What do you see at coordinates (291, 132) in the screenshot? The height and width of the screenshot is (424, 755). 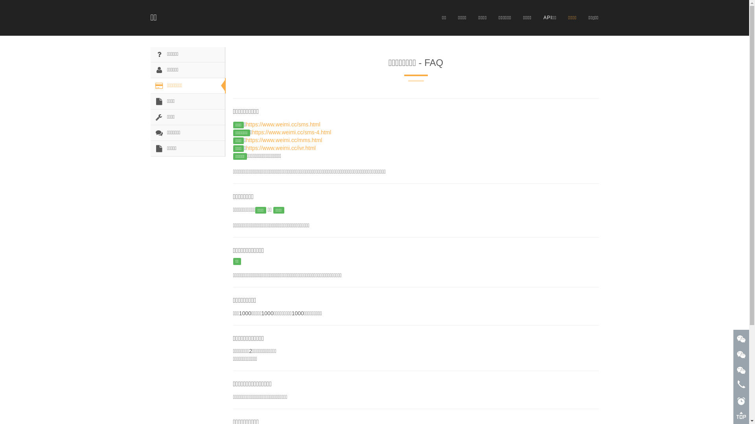 I see `'https://www.weimi.cc/sms-4.html'` at bounding box center [291, 132].